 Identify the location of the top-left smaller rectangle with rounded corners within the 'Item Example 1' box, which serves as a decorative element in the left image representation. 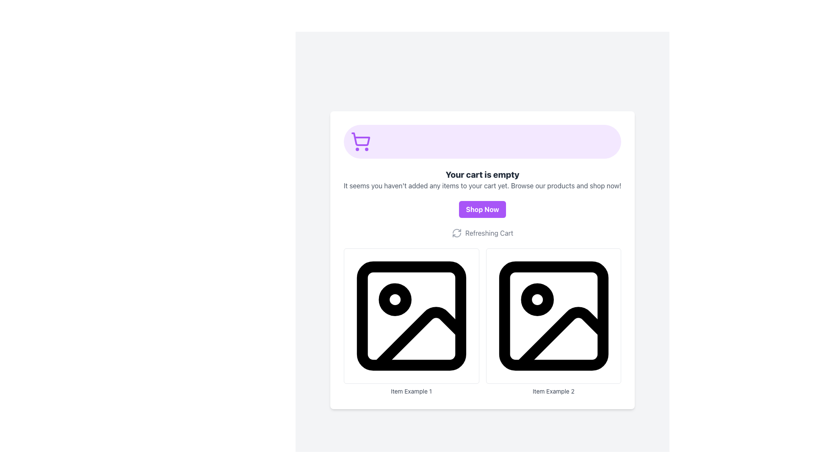
(411, 316).